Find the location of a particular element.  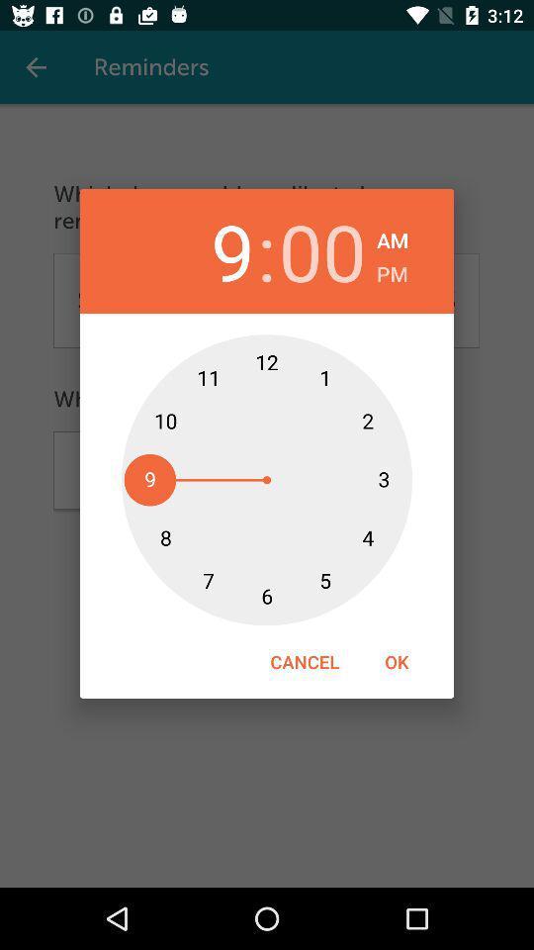

icon below am item is located at coordinates (392, 270).